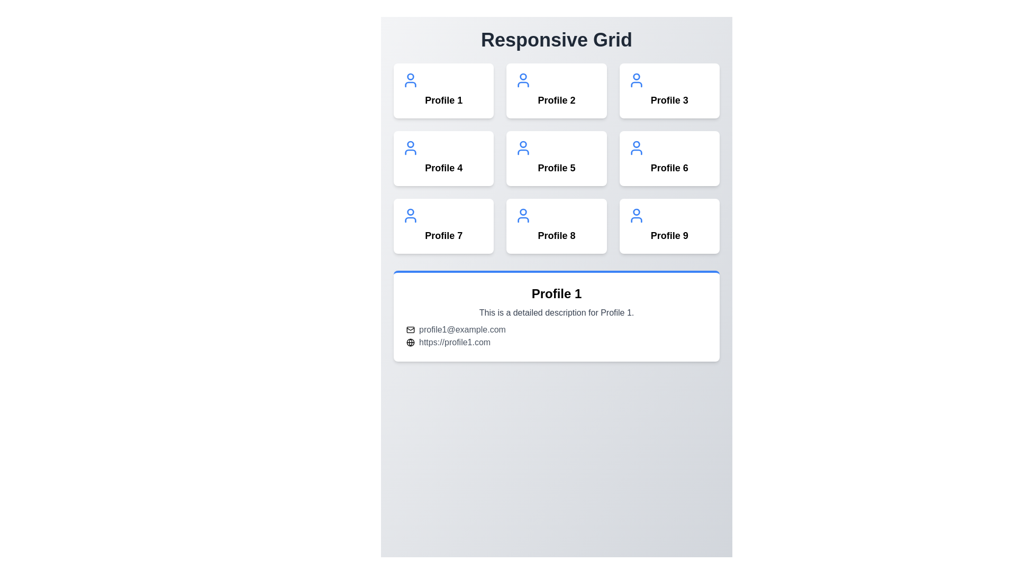 This screenshot has height=571, width=1016. What do you see at coordinates (556, 90) in the screenshot?
I see `the clickable card representing 'Profile 2' located in the second column of the first row of a grid of profile cards` at bounding box center [556, 90].